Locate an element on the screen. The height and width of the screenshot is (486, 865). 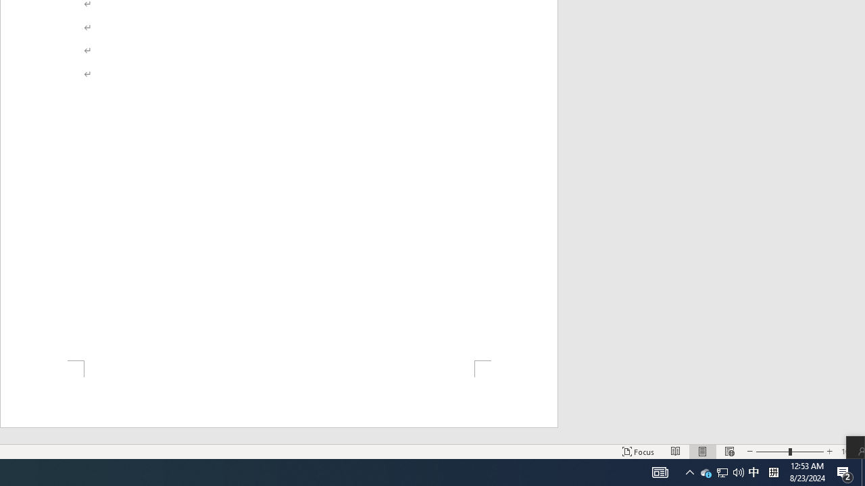
'Read Mode' is located at coordinates (676, 452).